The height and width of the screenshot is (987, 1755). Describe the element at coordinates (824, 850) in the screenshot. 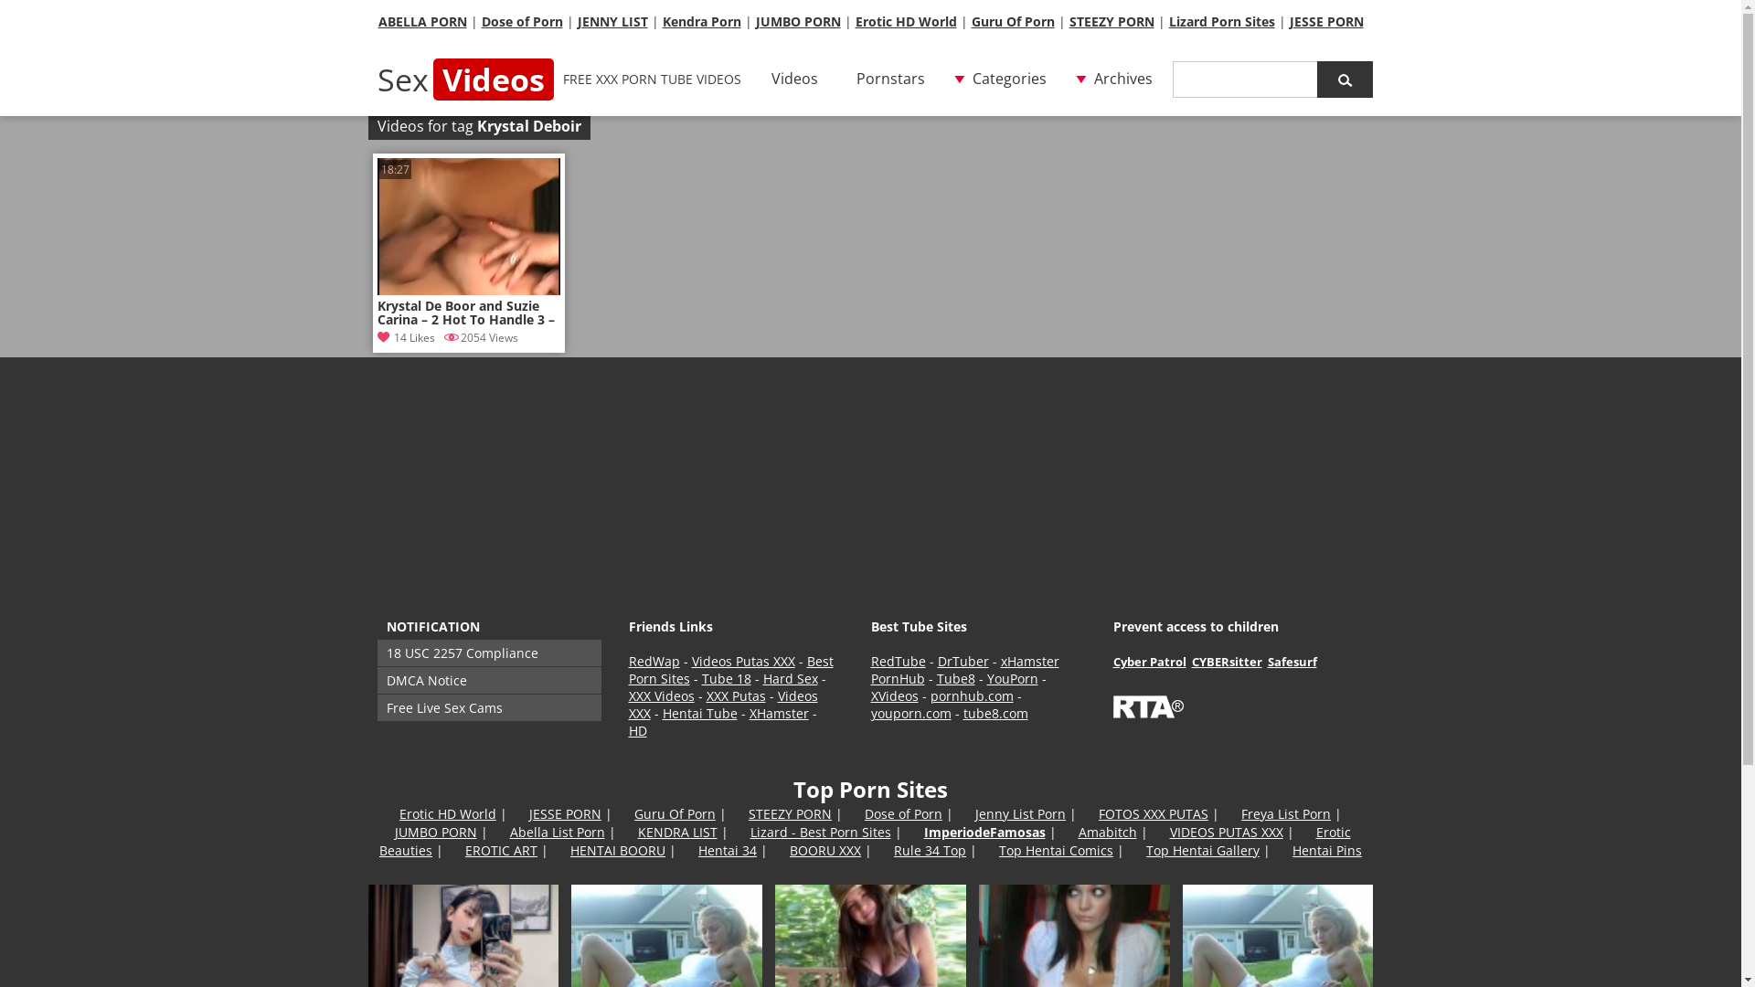

I see `'BOORU XXX'` at that location.